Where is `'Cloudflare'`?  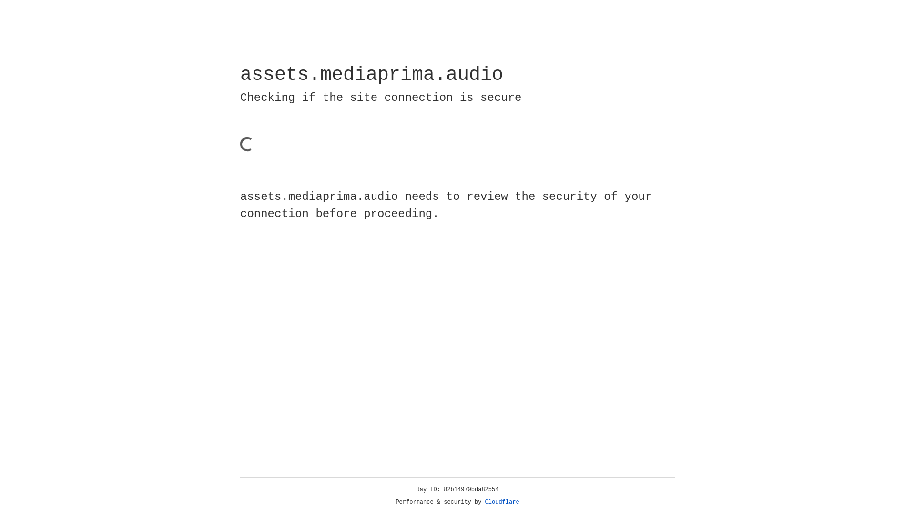 'Cloudflare' is located at coordinates (485, 502).